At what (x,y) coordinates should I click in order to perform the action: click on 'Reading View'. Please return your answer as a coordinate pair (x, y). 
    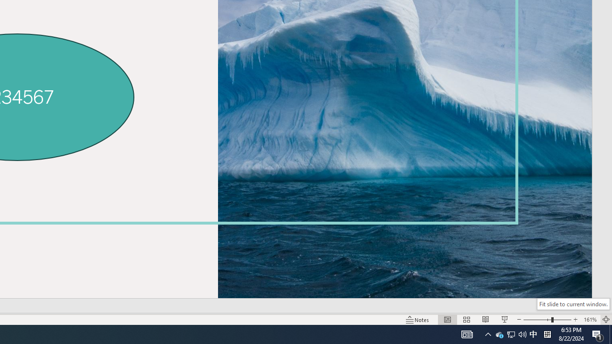
    Looking at the image, I should click on (485, 320).